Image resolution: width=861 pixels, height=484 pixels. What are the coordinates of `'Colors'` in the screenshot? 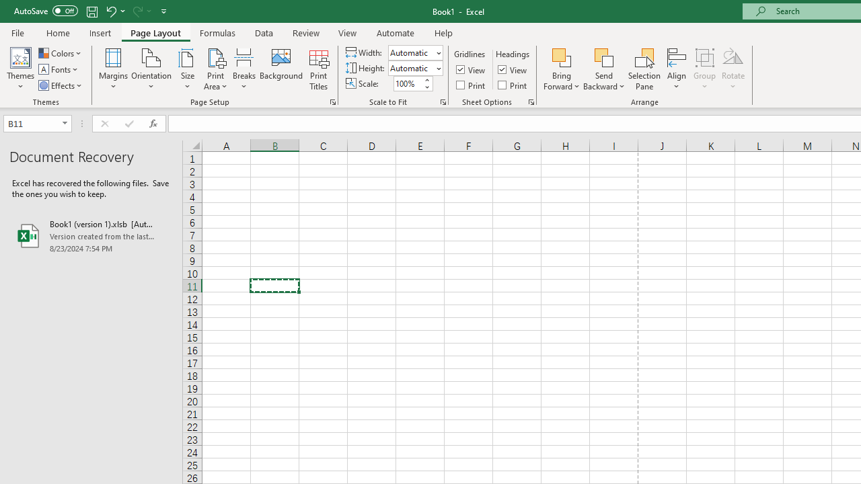 It's located at (60, 52).